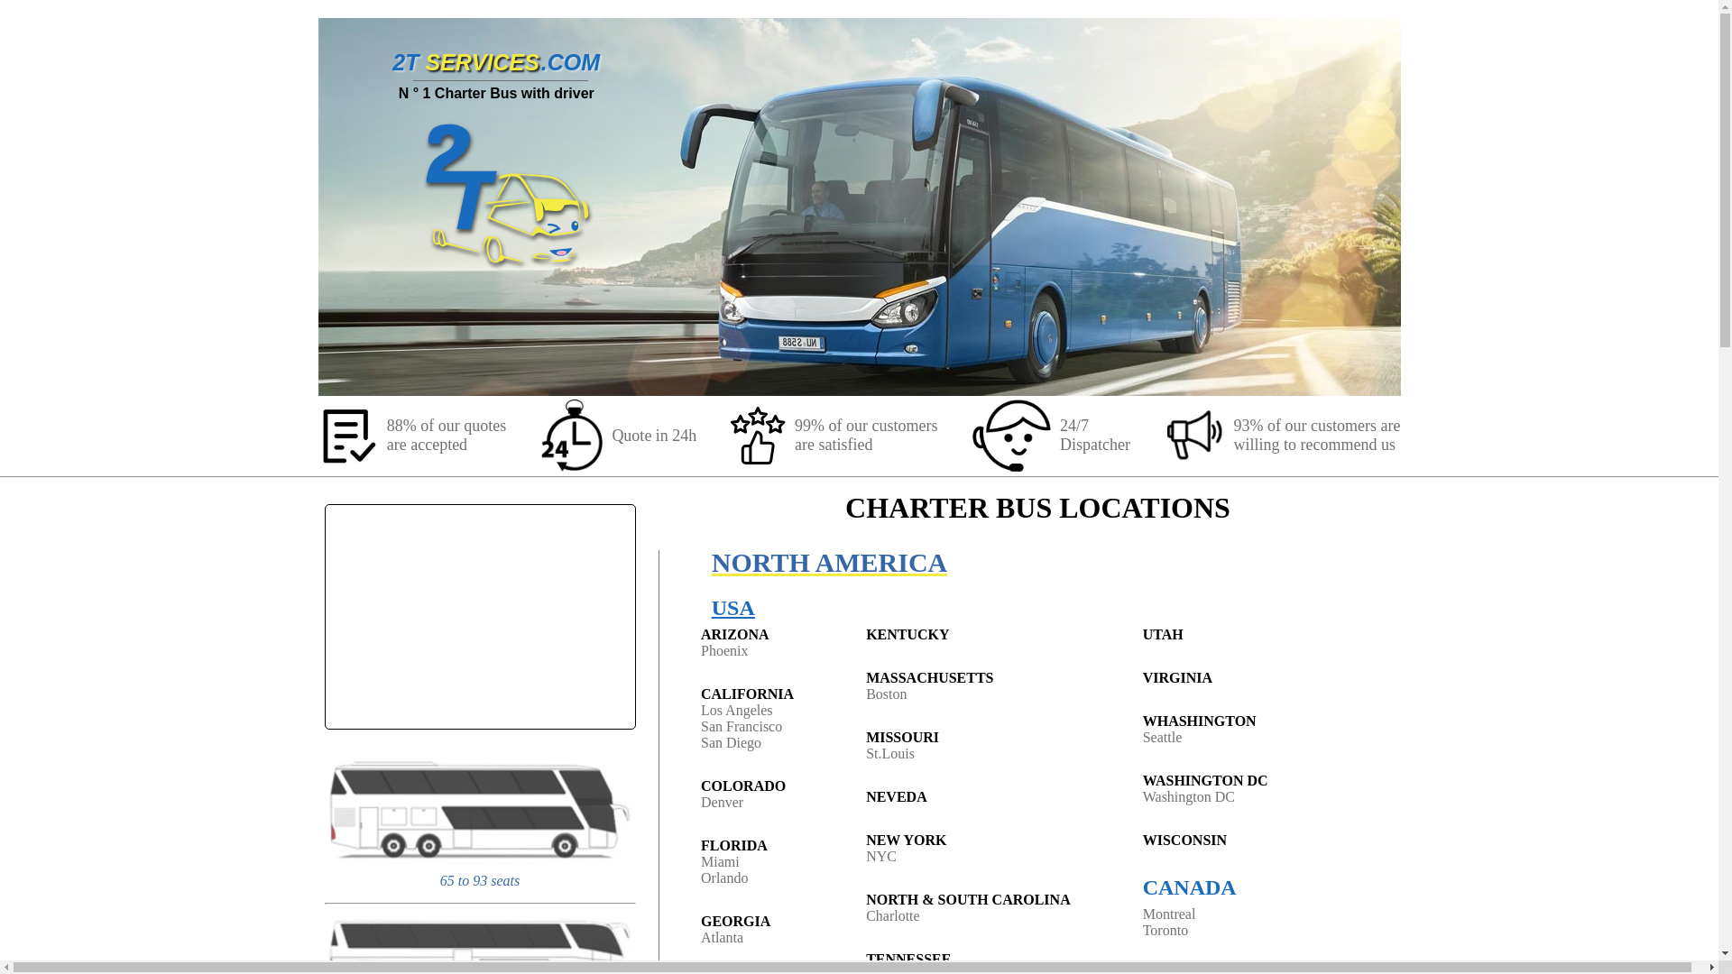 The width and height of the screenshot is (1732, 974). What do you see at coordinates (741, 725) in the screenshot?
I see `'San Francisco'` at bounding box center [741, 725].